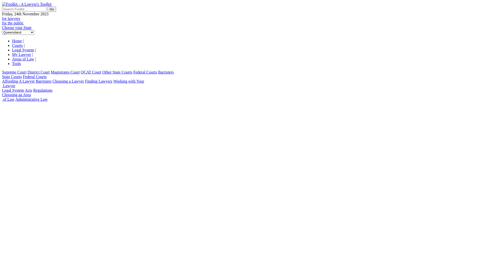  Describe the element at coordinates (17, 27) in the screenshot. I see `'Choose your State'` at that location.